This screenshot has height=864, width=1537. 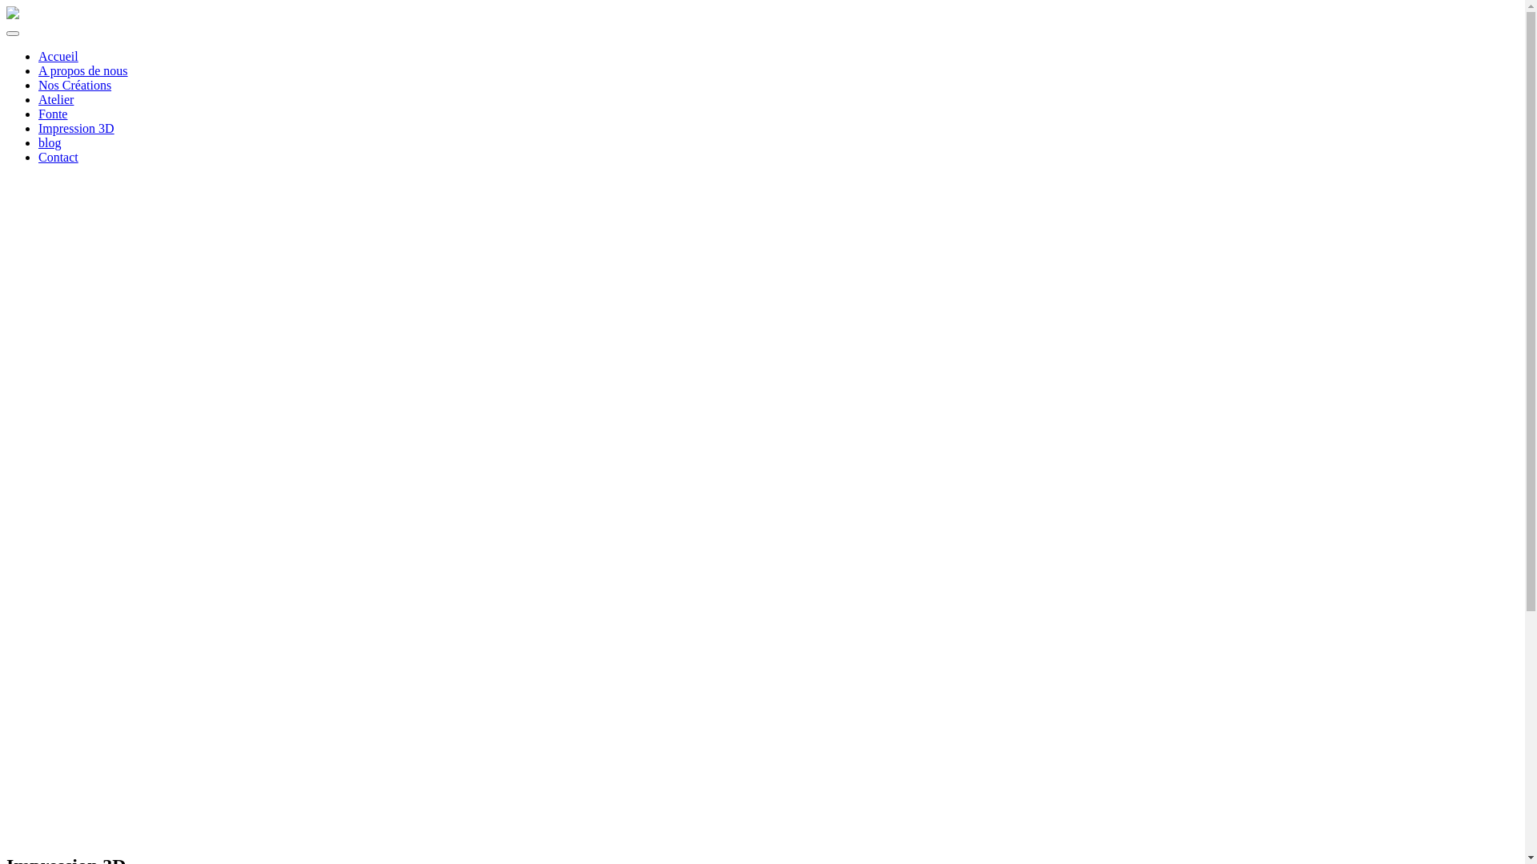 I want to click on 'blog', so click(x=50, y=142).